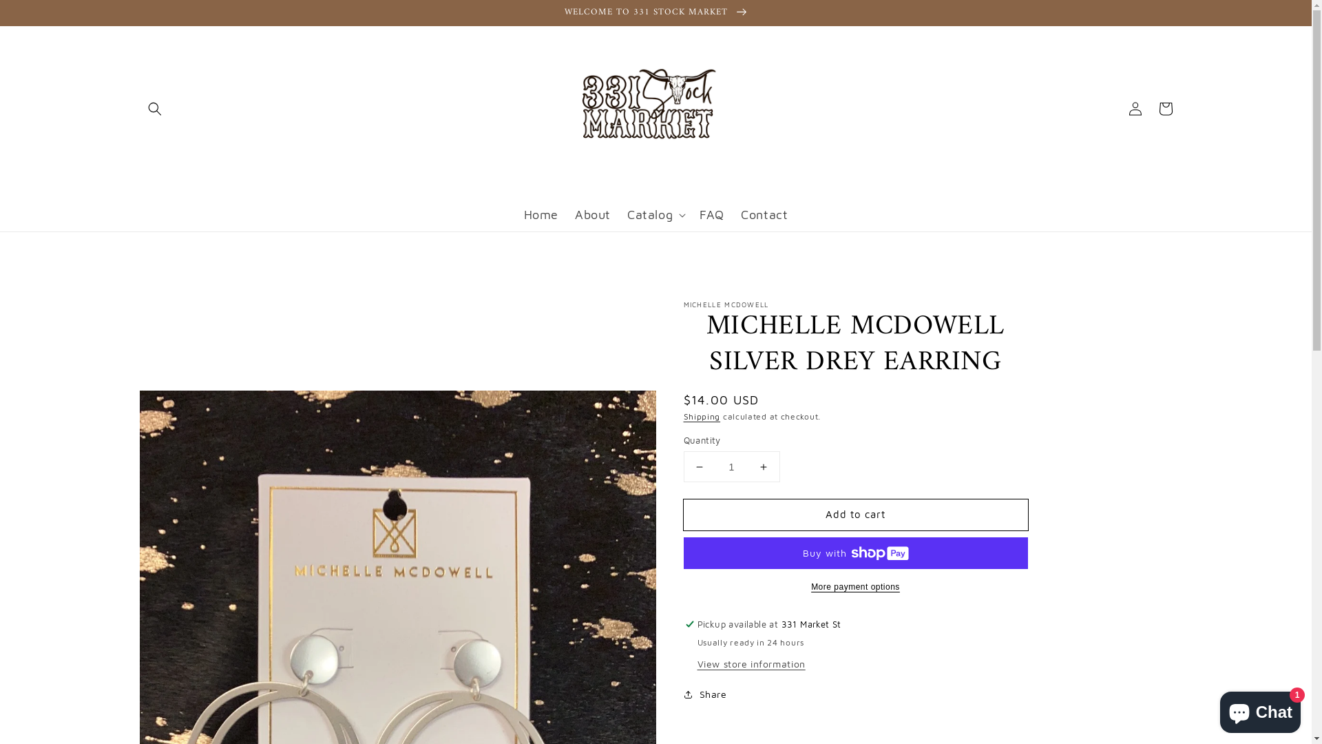 This screenshot has width=1322, height=744. What do you see at coordinates (700, 466) in the screenshot?
I see `'Decrease quantity for MICHELLE MCDOWELL SILVER DREY EARRING'` at bounding box center [700, 466].